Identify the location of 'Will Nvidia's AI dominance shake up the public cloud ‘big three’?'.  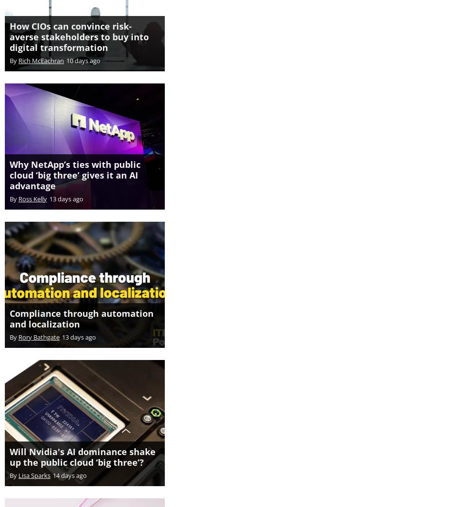
(9, 446).